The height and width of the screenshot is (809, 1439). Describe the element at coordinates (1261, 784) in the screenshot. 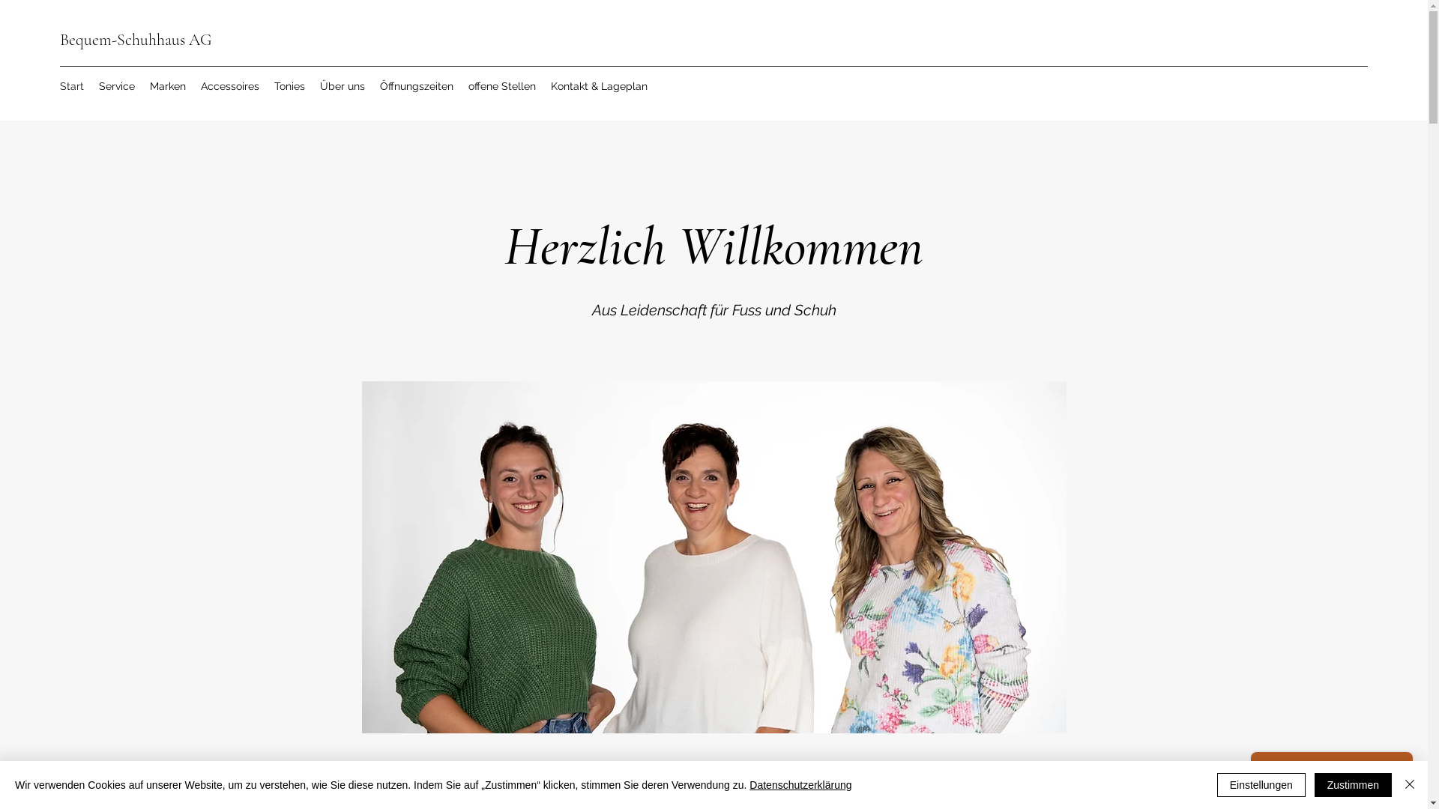

I see `'Einstellungen'` at that location.